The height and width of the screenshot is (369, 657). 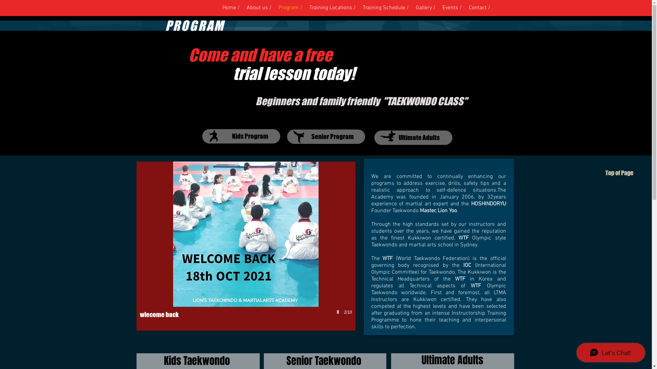 I want to click on 'Kids Program', so click(x=202, y=136).